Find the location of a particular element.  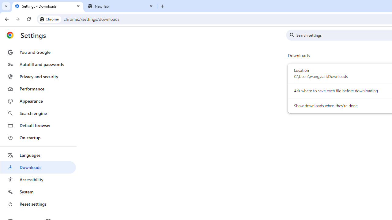

'You and Google' is located at coordinates (38, 52).